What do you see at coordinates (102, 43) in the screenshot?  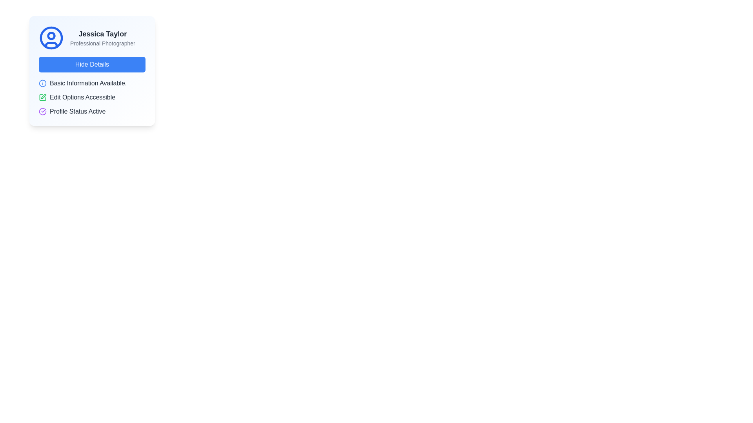 I see `the text label 'Professional Photographer' which is styled in small gray font and positioned below 'Jessica Taylor'` at bounding box center [102, 43].